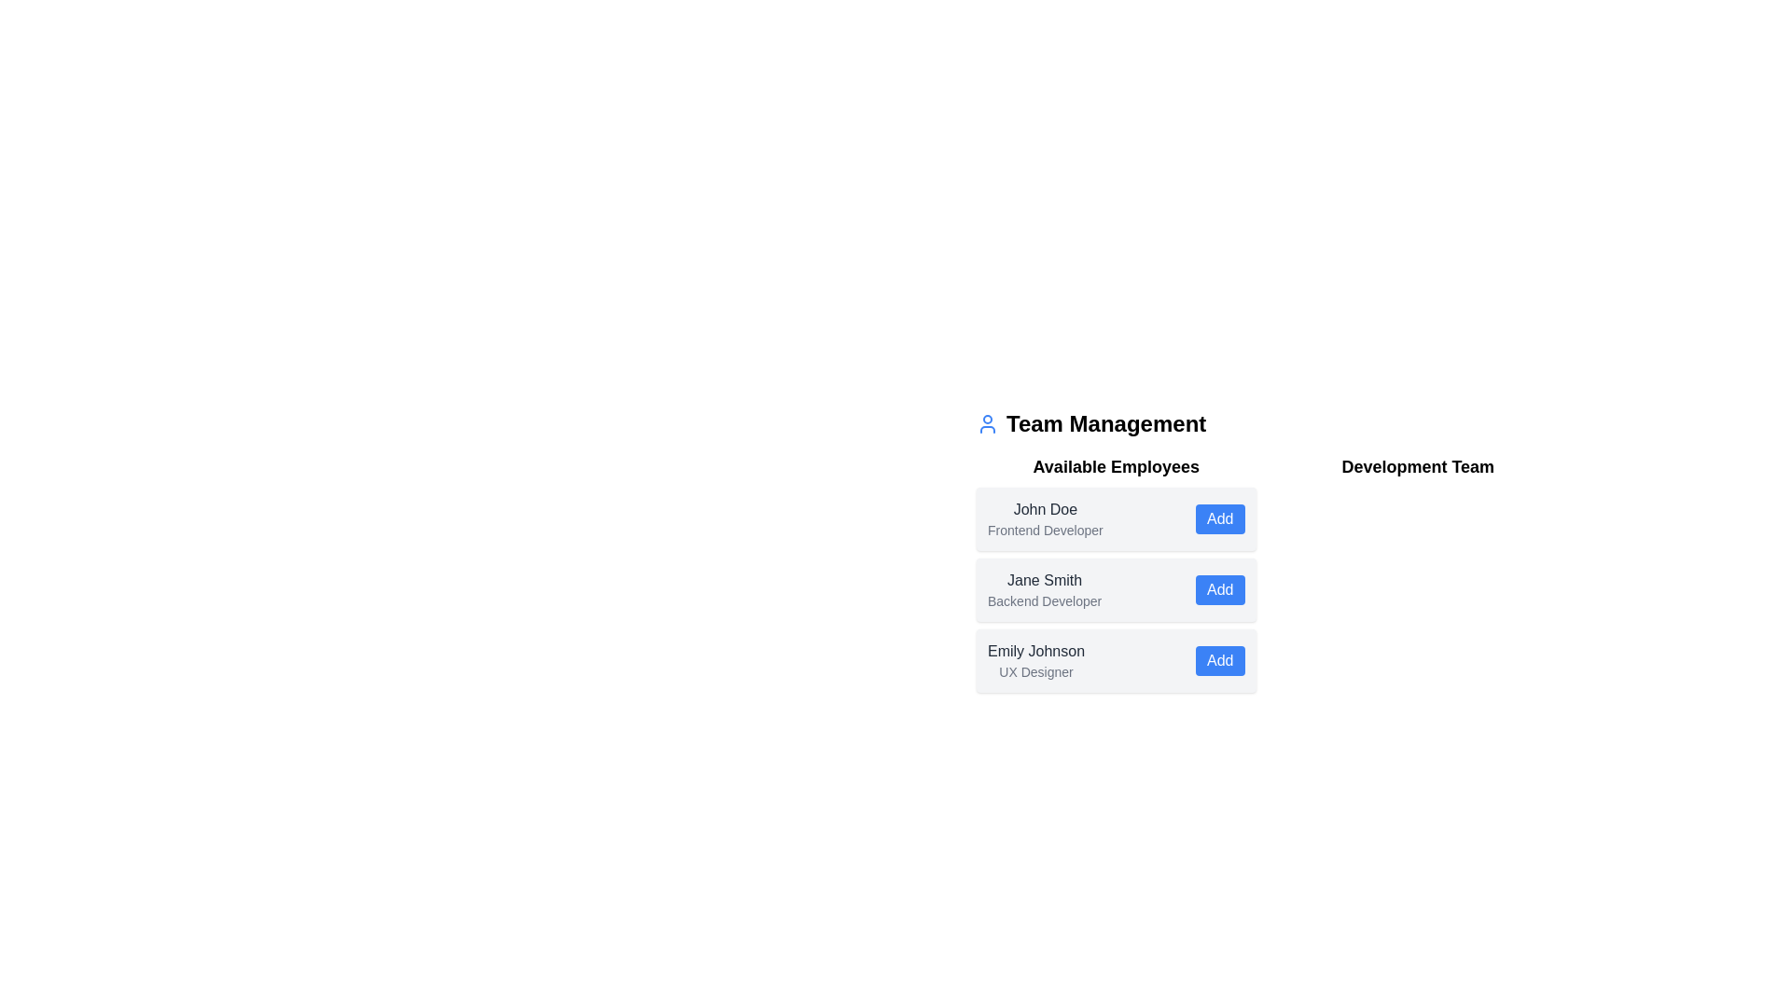  I want to click on text information for the employee entry 'Jane Smith', which includes their role, located in the second position of the 'Available Employees' list, so click(1116, 589).